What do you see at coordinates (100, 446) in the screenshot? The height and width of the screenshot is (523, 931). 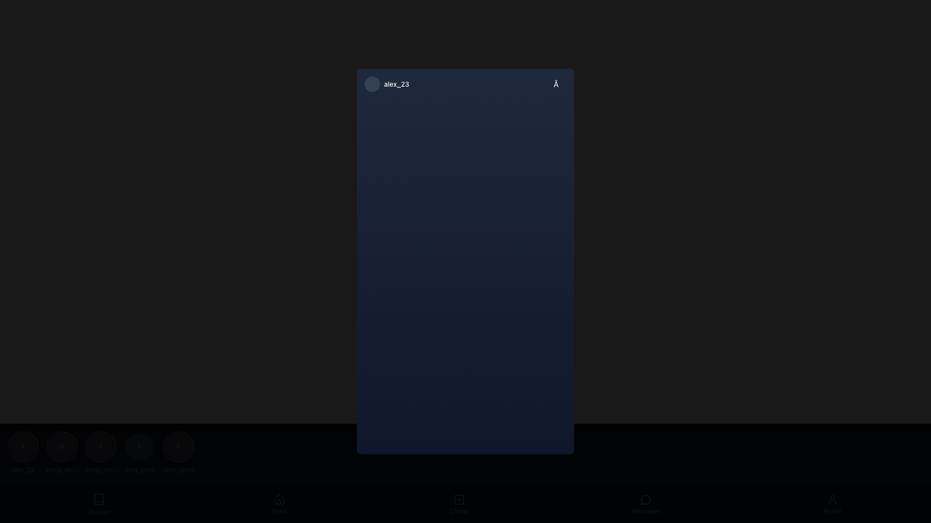 I see `the circular avatar button with a dark gray background and a white 'T' in the center, located as the fourth item in a horizontally scrollable bar at the bottom of the interface` at bounding box center [100, 446].